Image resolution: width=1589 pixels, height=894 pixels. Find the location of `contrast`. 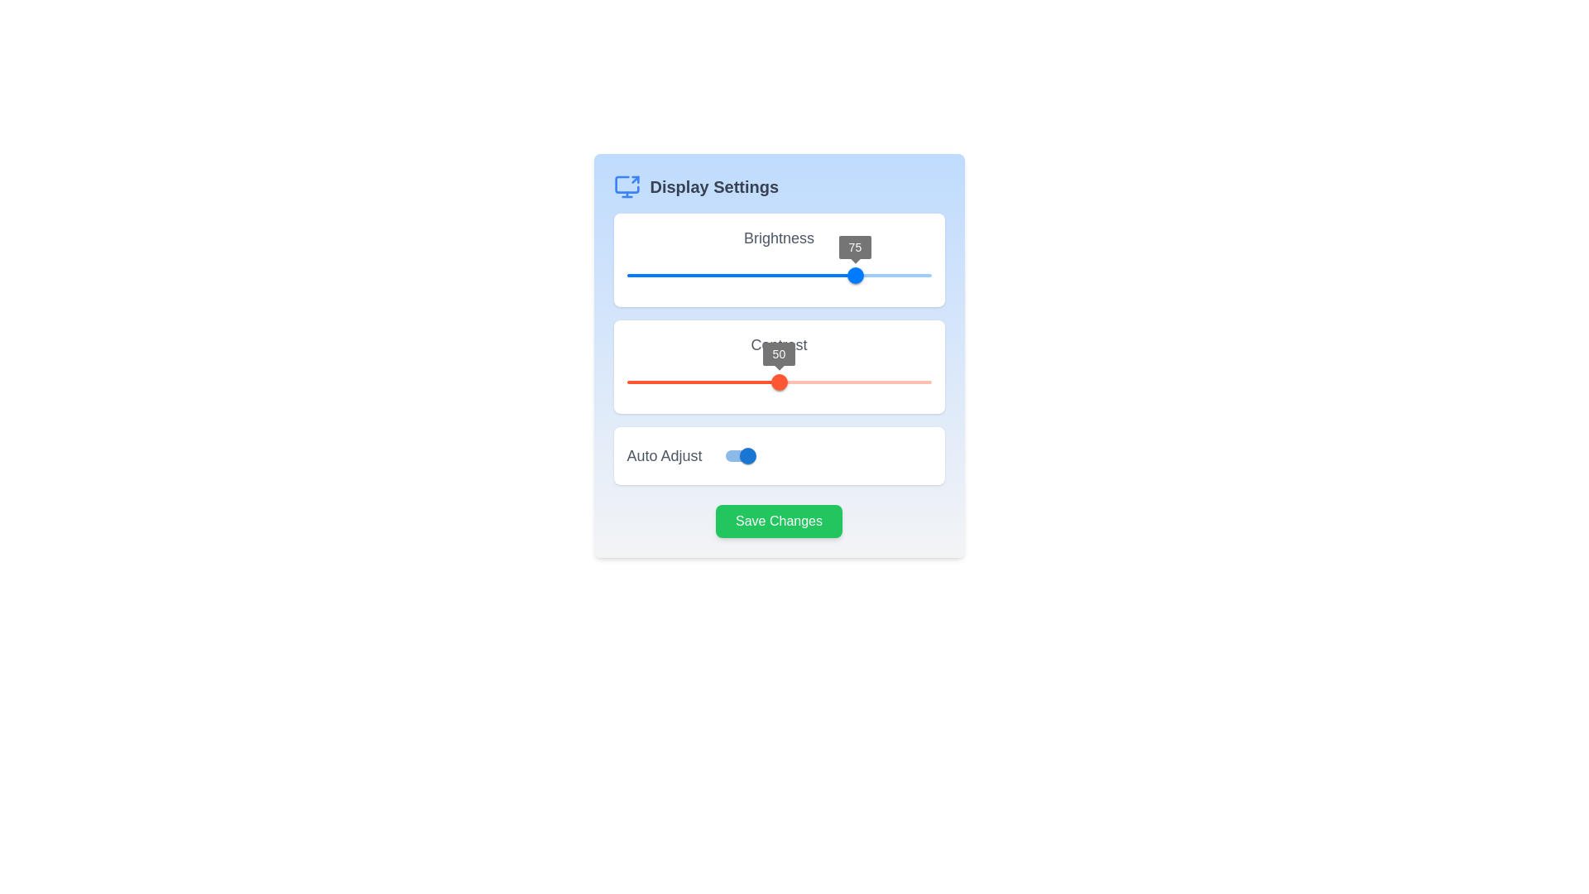

contrast is located at coordinates (790, 382).